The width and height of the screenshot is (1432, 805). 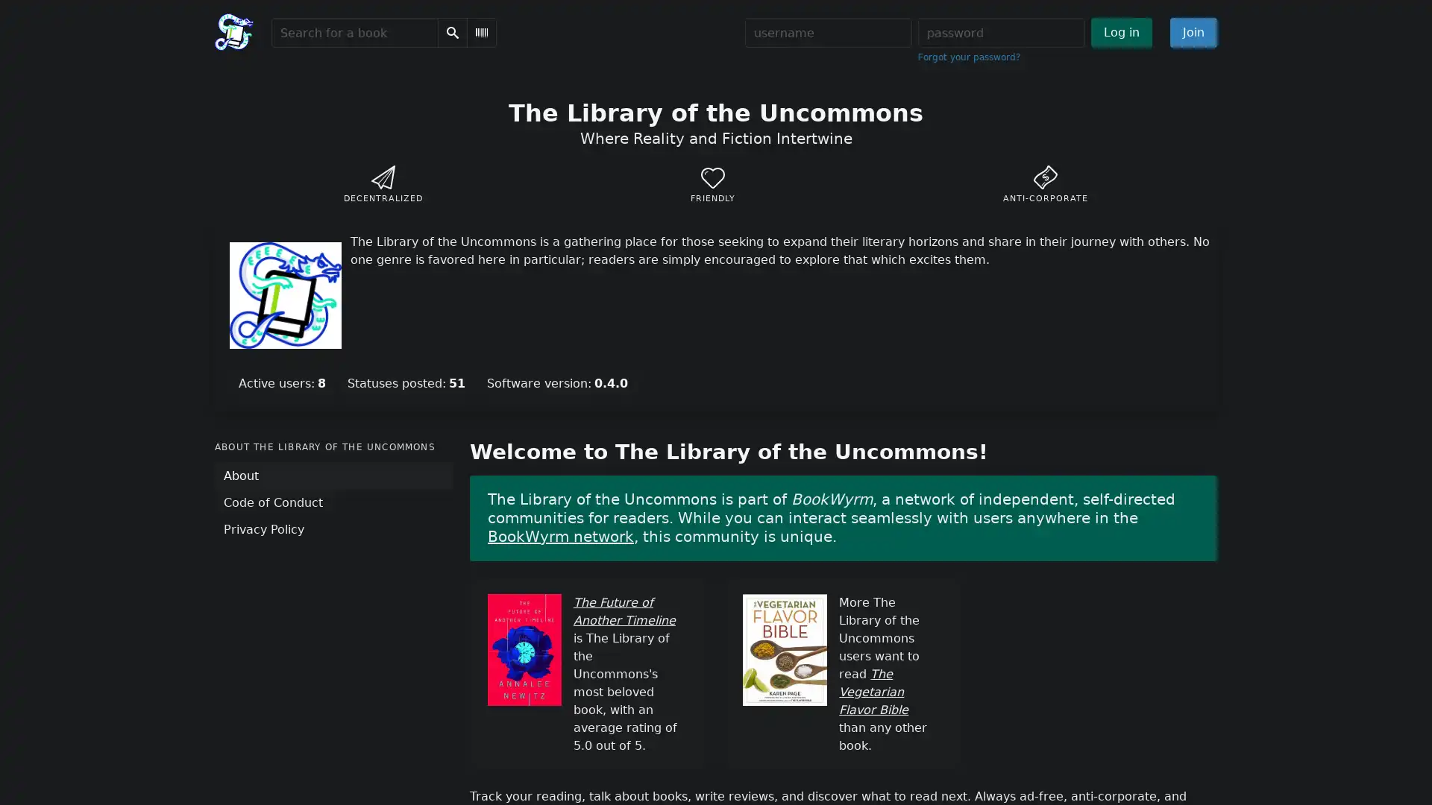 What do you see at coordinates (1121, 32) in the screenshot?
I see `Log in` at bounding box center [1121, 32].